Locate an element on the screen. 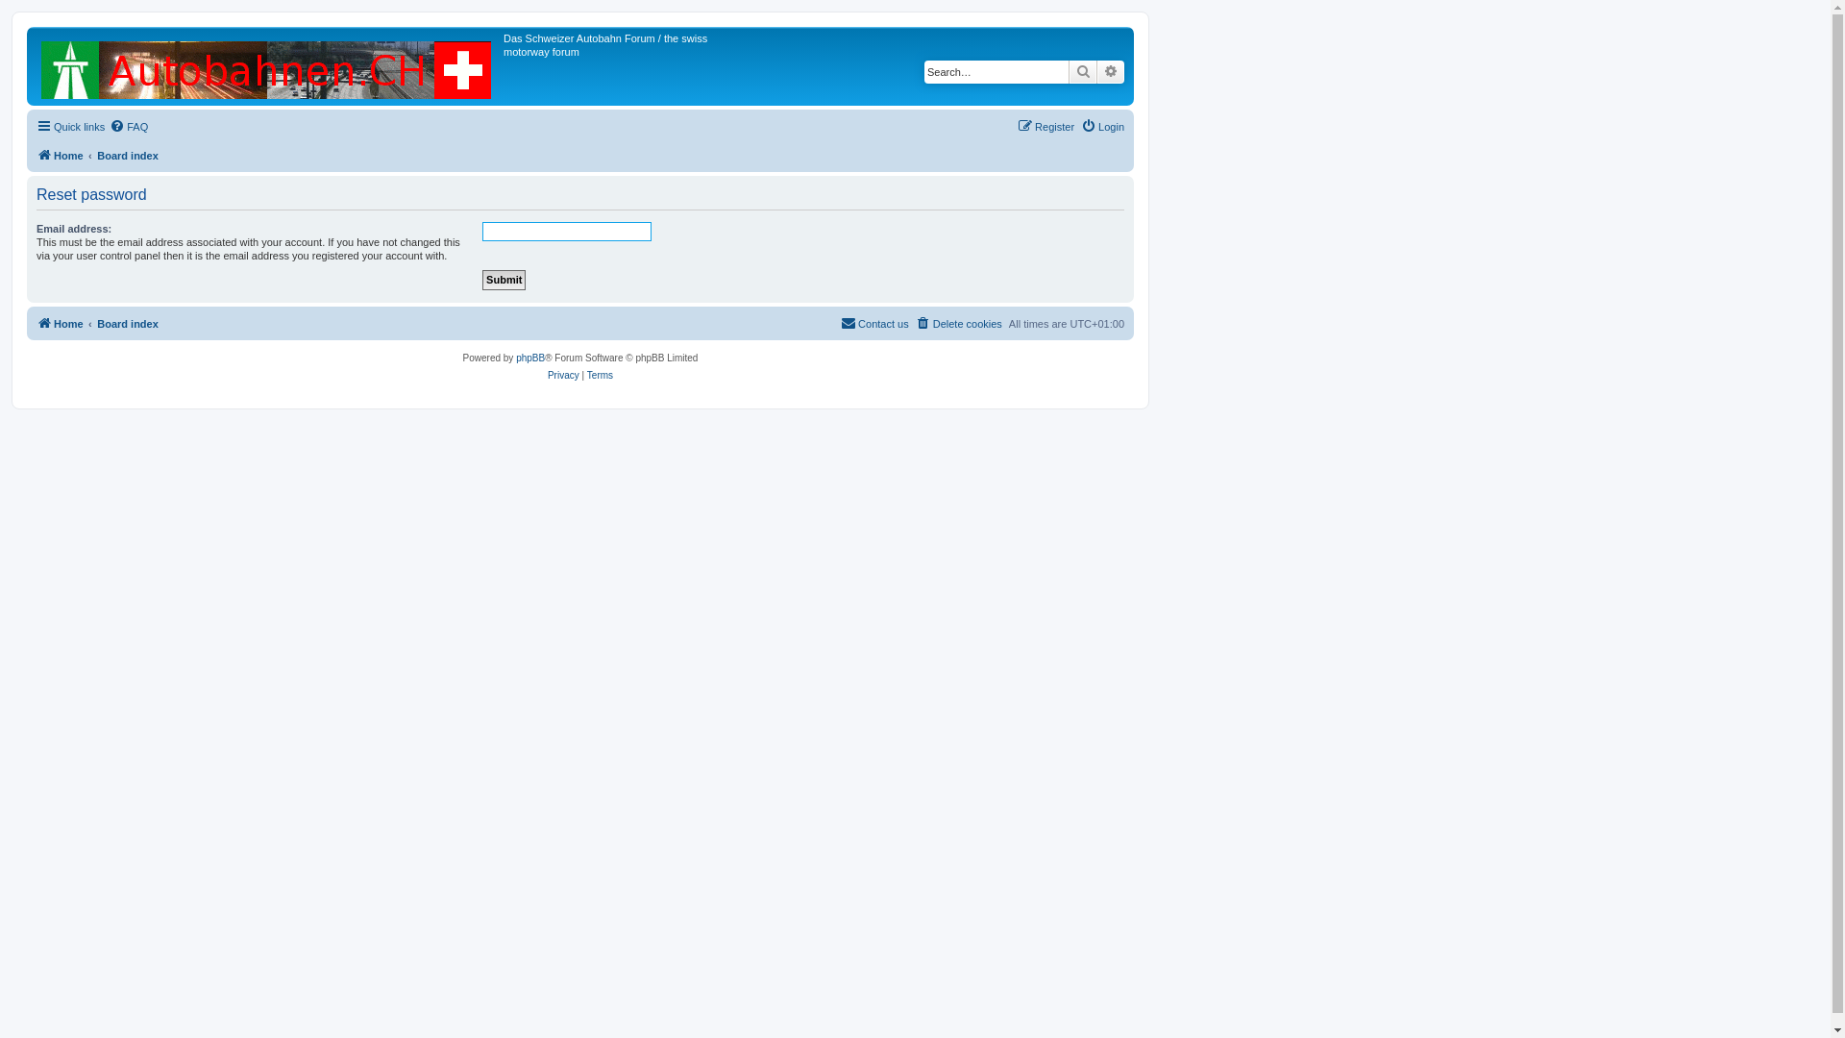  'Privacy' is located at coordinates (547, 375).